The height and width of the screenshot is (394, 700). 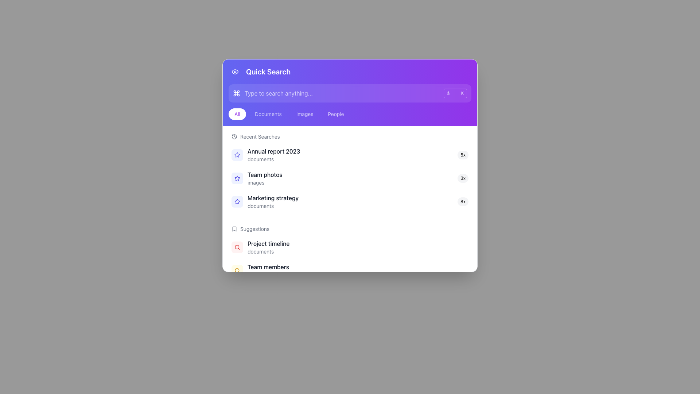 I want to click on the third entry in the 'Recent Searches' section of the quick search dropdown, which provides a shortcut, so click(x=350, y=201).